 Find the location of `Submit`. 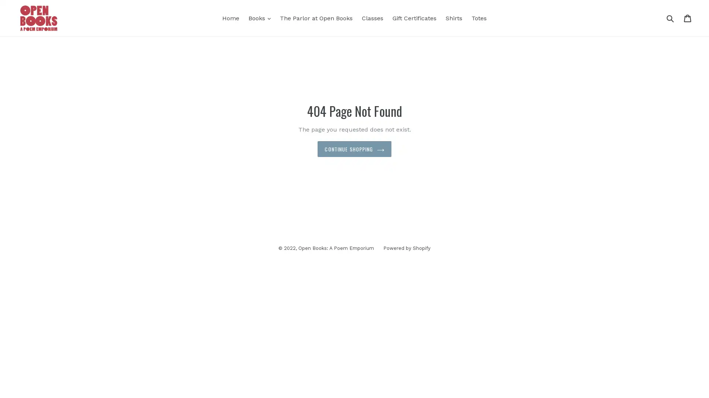

Submit is located at coordinates (670, 18).